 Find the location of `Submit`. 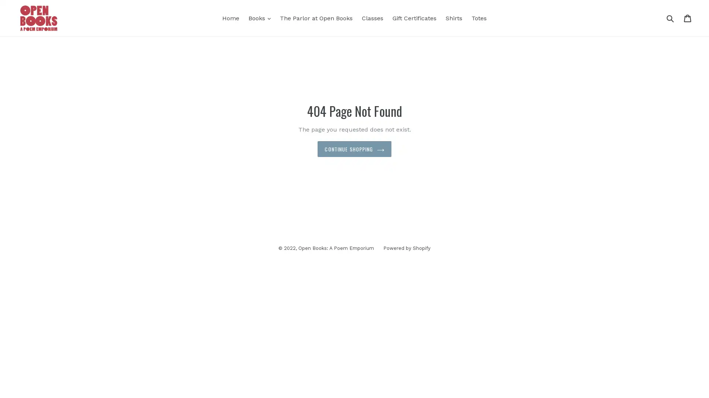

Submit is located at coordinates (670, 18).